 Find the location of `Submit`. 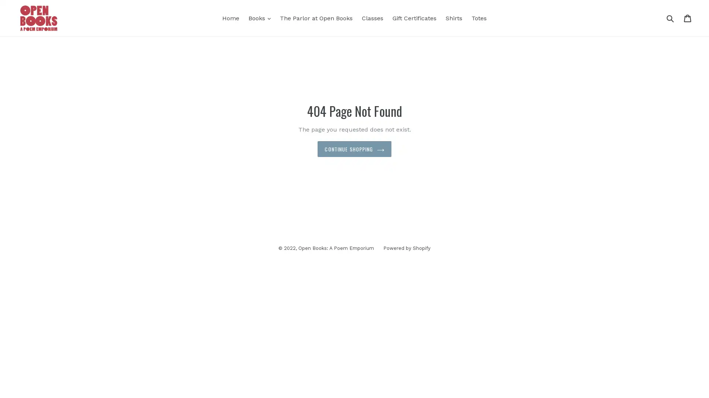

Submit is located at coordinates (670, 18).